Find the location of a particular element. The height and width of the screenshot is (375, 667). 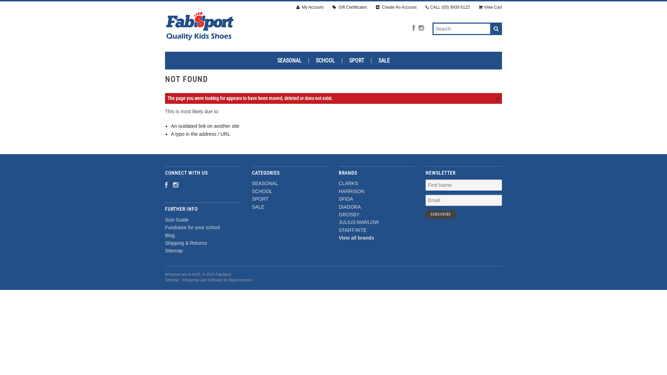

'JULIUS MARLOW' is located at coordinates (359, 222).